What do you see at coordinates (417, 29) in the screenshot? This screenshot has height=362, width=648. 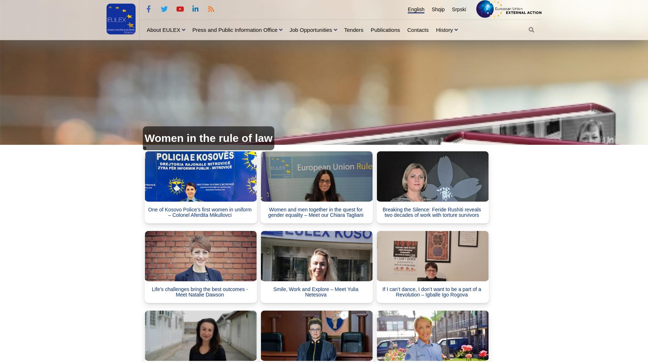 I see `'Contacts'` at bounding box center [417, 29].